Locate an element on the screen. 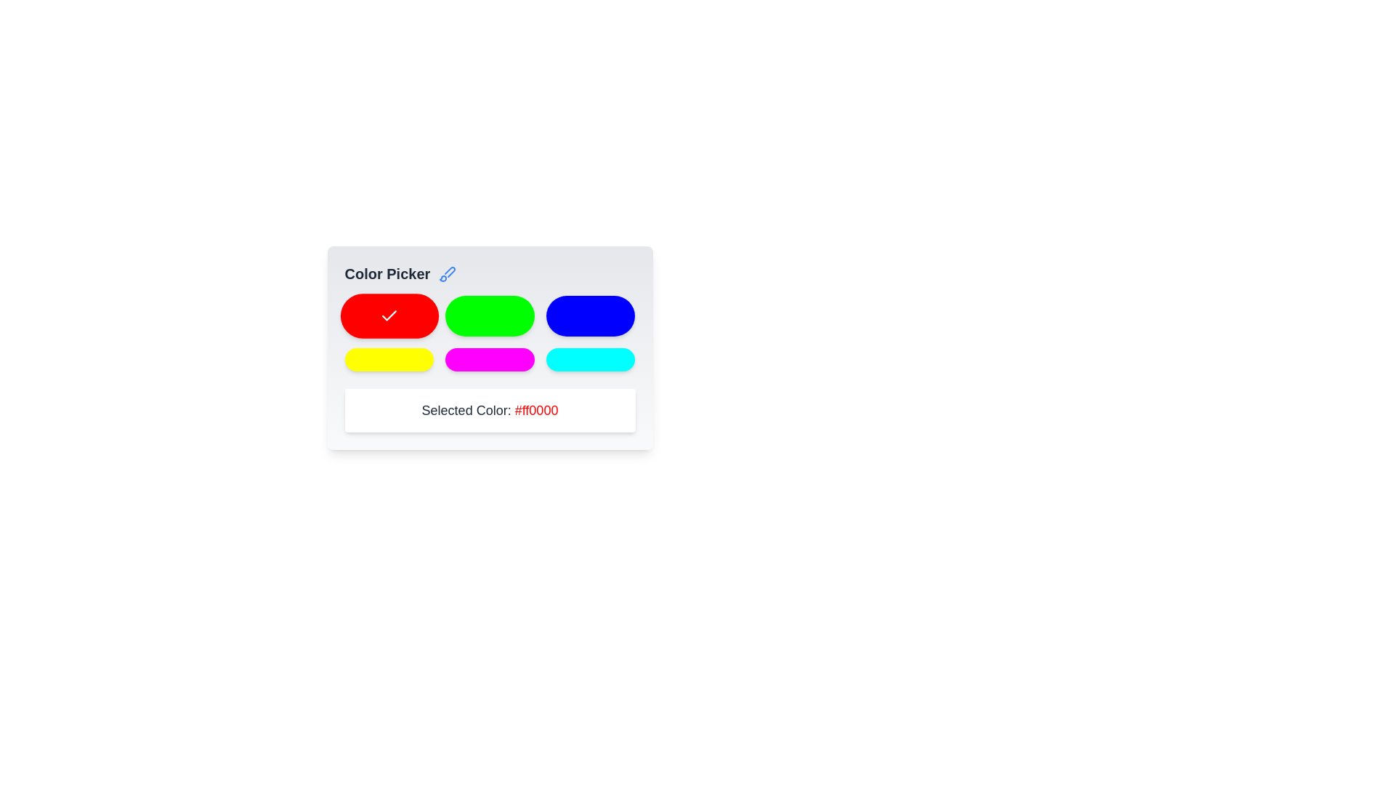 The height and width of the screenshot is (785, 1395). the button corresponding to the color yellow is located at coordinates (389, 359).